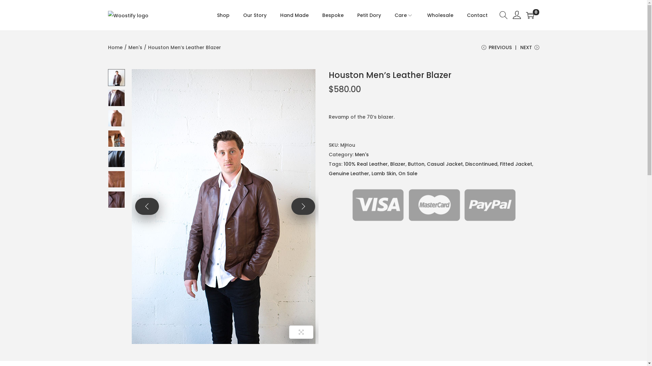  Describe the element at coordinates (397, 164) in the screenshot. I see `'Blazer'` at that location.